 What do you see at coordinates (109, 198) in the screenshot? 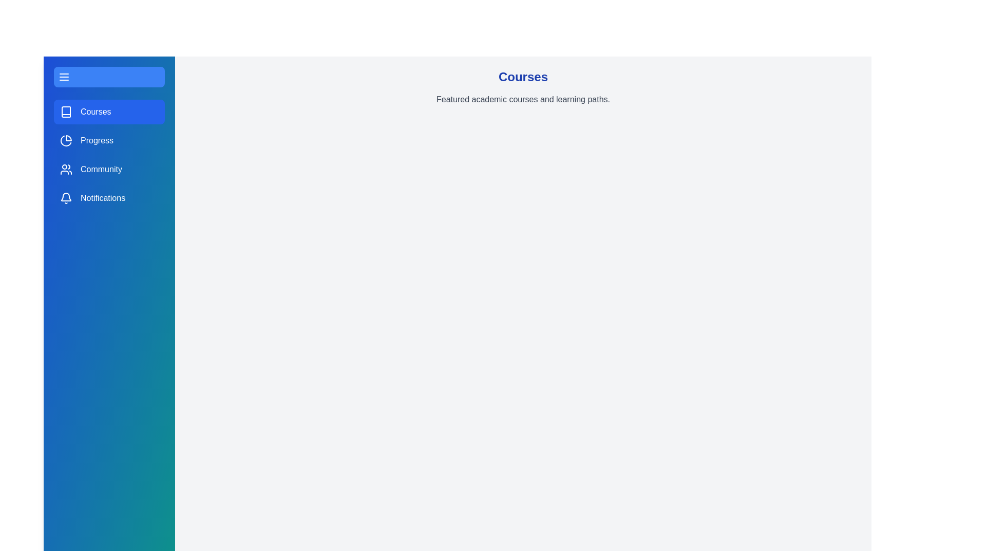
I see `the sidebar section Notifications by clicking on its corresponding area` at bounding box center [109, 198].